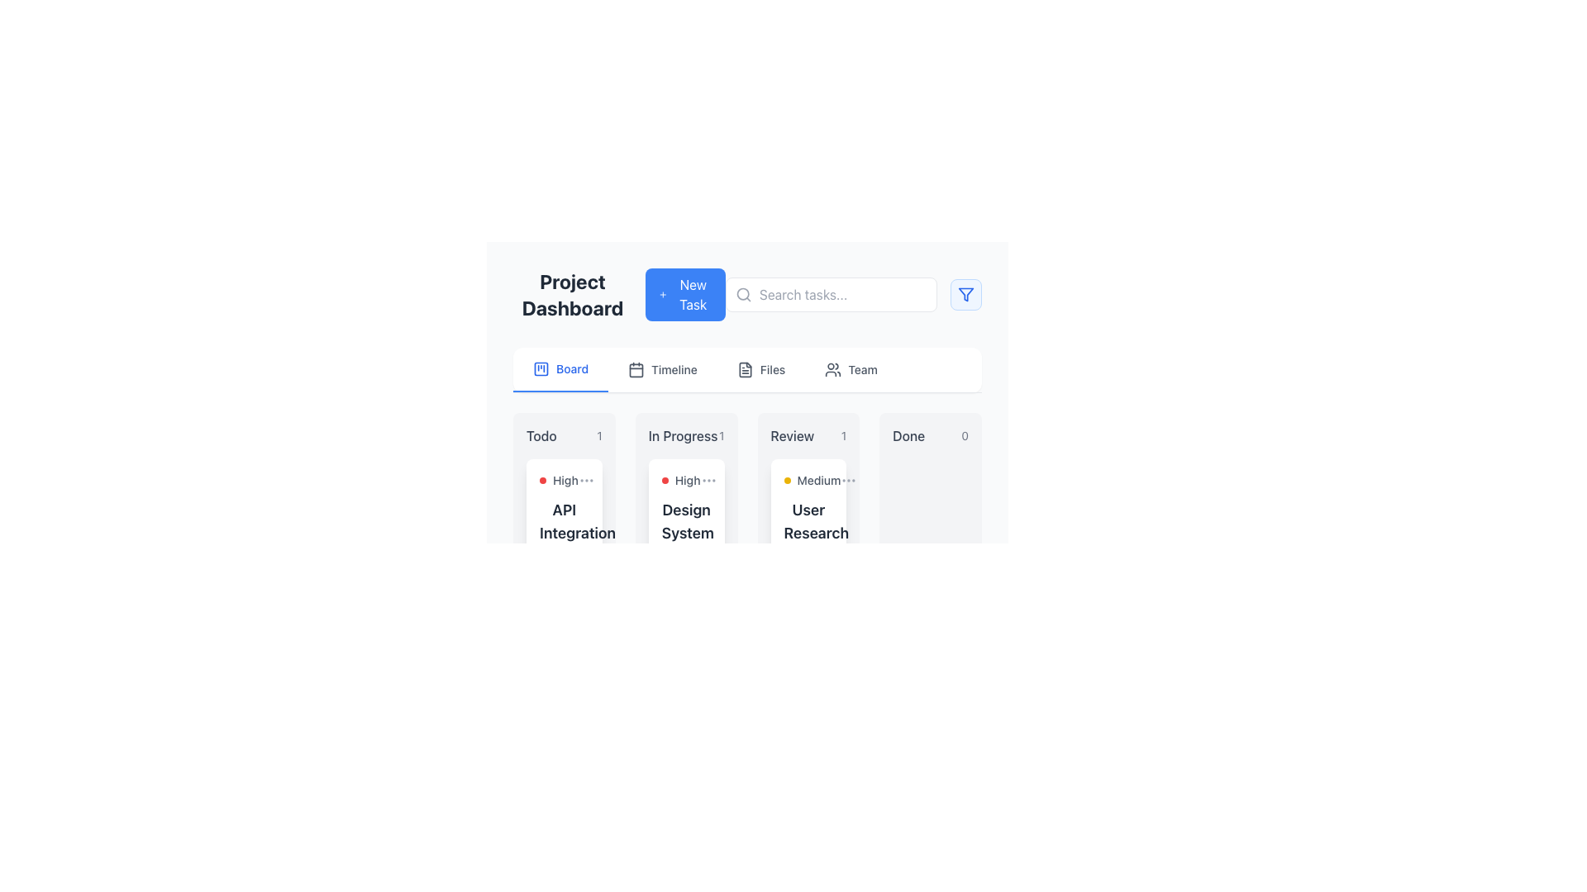 This screenshot has height=892, width=1587. What do you see at coordinates (833, 368) in the screenshot?
I see `the SVG-based icon representing a group of users located to the left of the 'Team' label in the menu, which is part of the navigation options for team management` at bounding box center [833, 368].